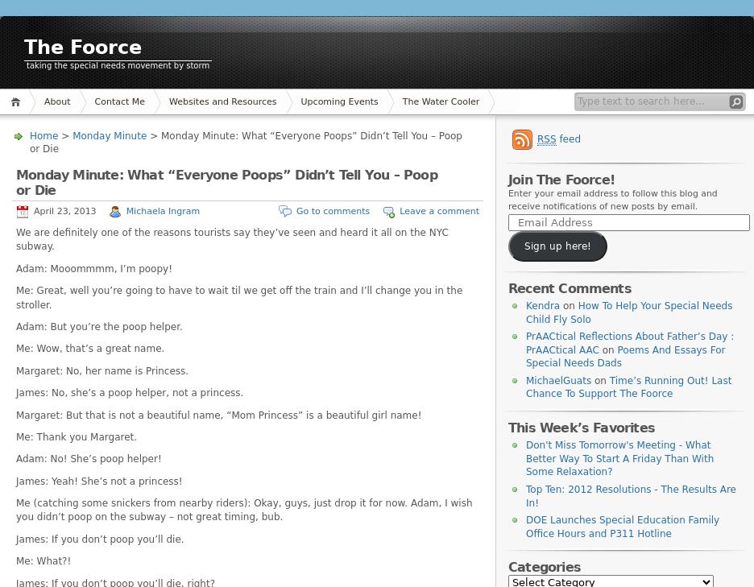  Describe the element at coordinates (544, 567) in the screenshot. I see `'Categories'` at that location.